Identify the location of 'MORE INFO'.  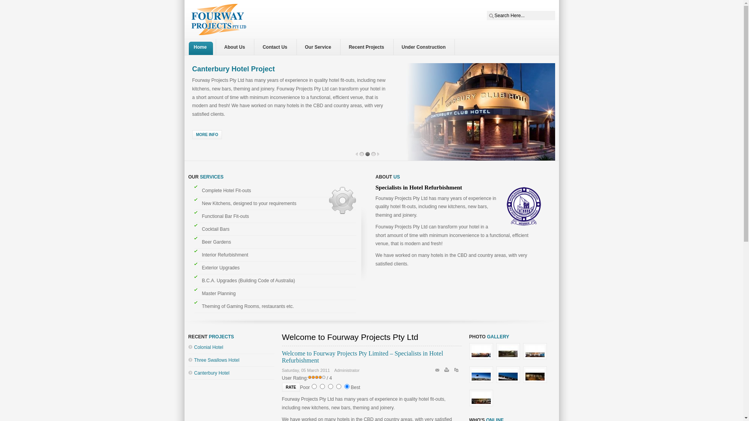
(207, 134).